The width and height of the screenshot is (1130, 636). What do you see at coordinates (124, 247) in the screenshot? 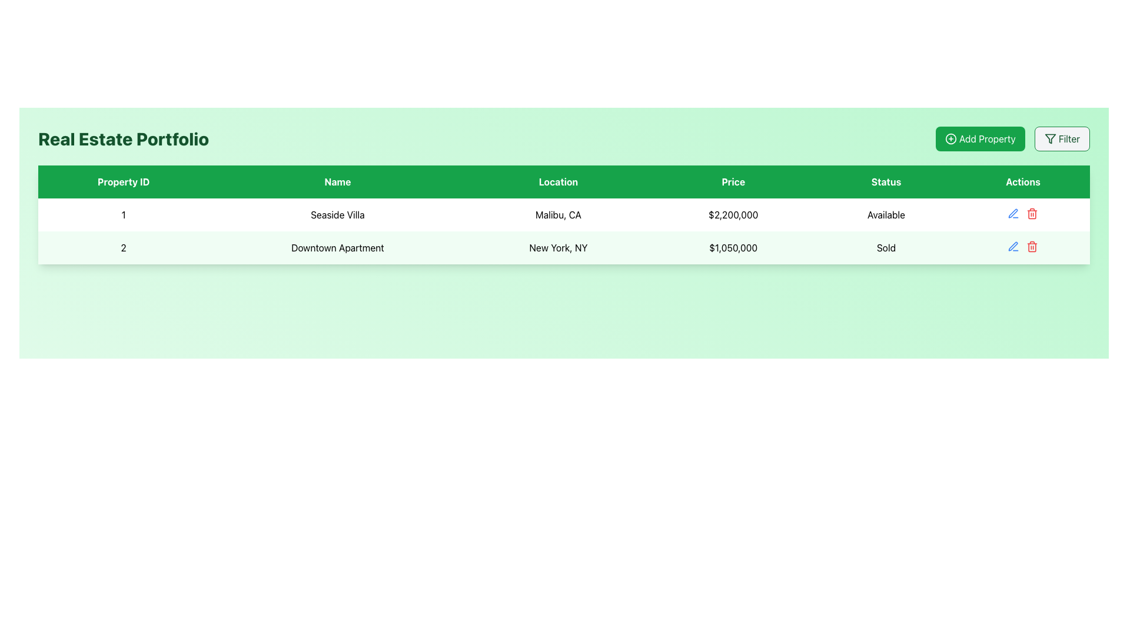
I see `text displayed in the Text Display element that shows the number '2', which is styled with center alignment and located in the first cell of the second row of a table with alternating green background styling for even rows` at bounding box center [124, 247].